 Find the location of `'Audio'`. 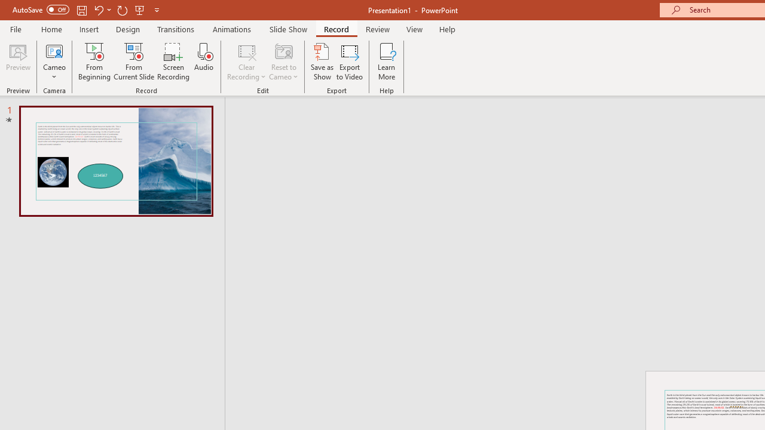

'Audio' is located at coordinates (204, 62).